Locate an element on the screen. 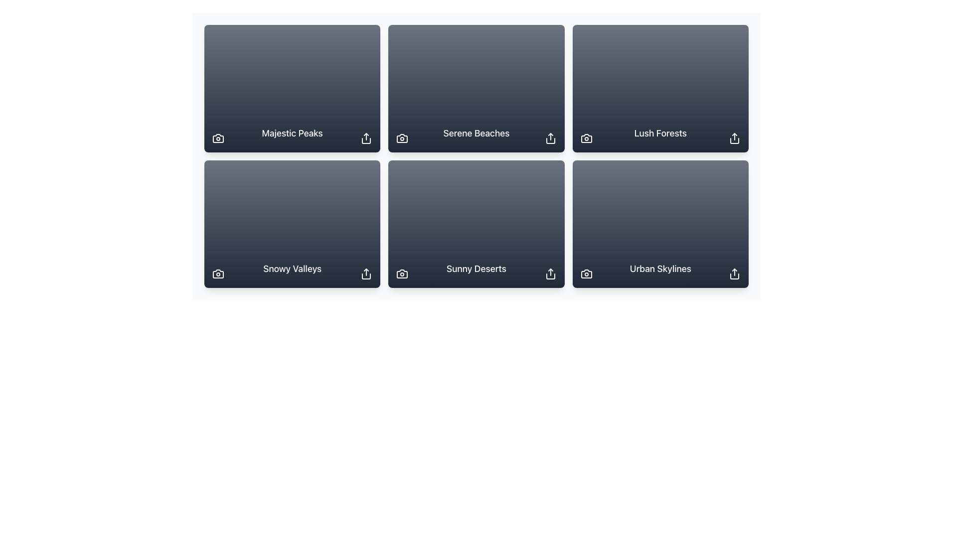  the 'Snowy Valleys' title element, which identifies the specific category within the UI layout is located at coordinates (292, 274).